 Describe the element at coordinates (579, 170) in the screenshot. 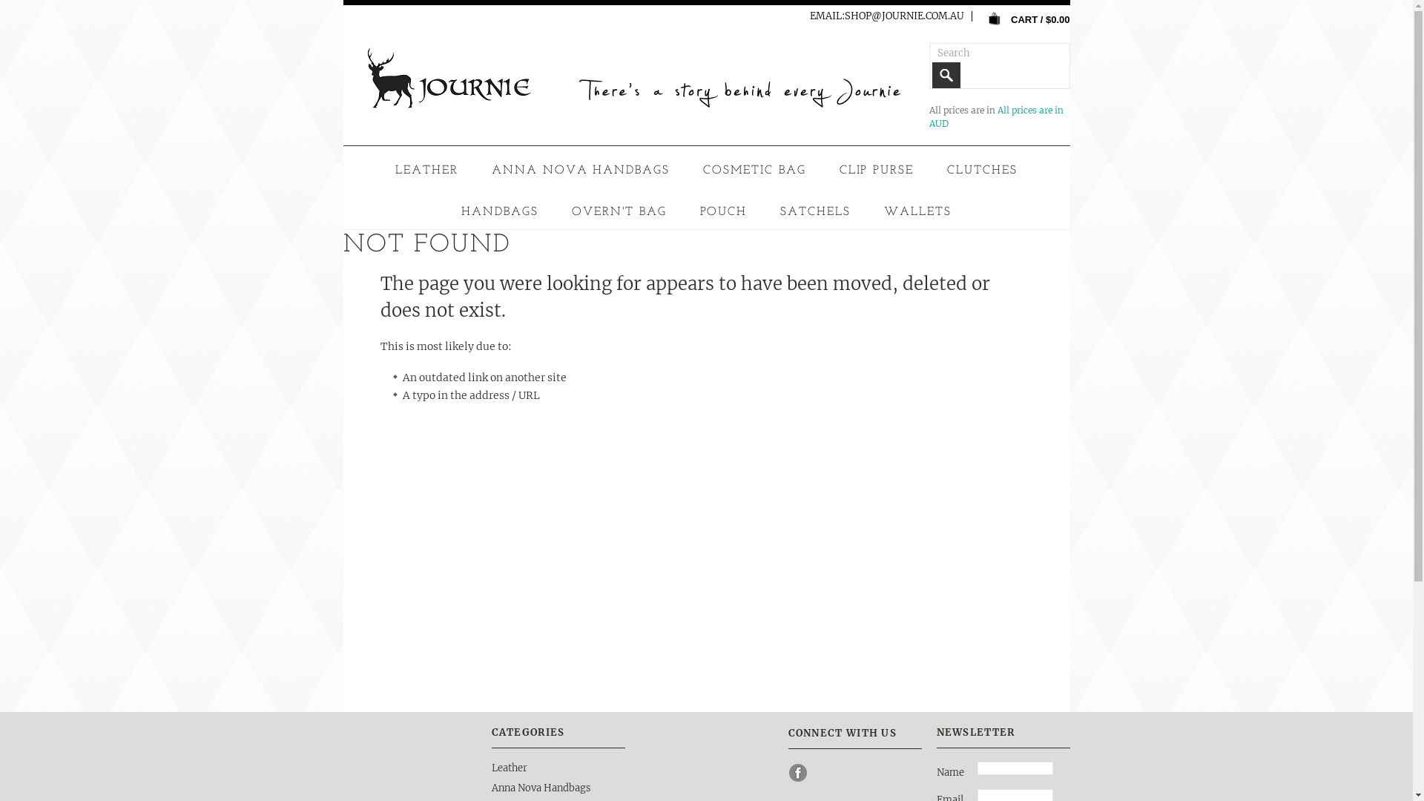

I see `'ANNA NOVA HANDBAGS'` at that location.